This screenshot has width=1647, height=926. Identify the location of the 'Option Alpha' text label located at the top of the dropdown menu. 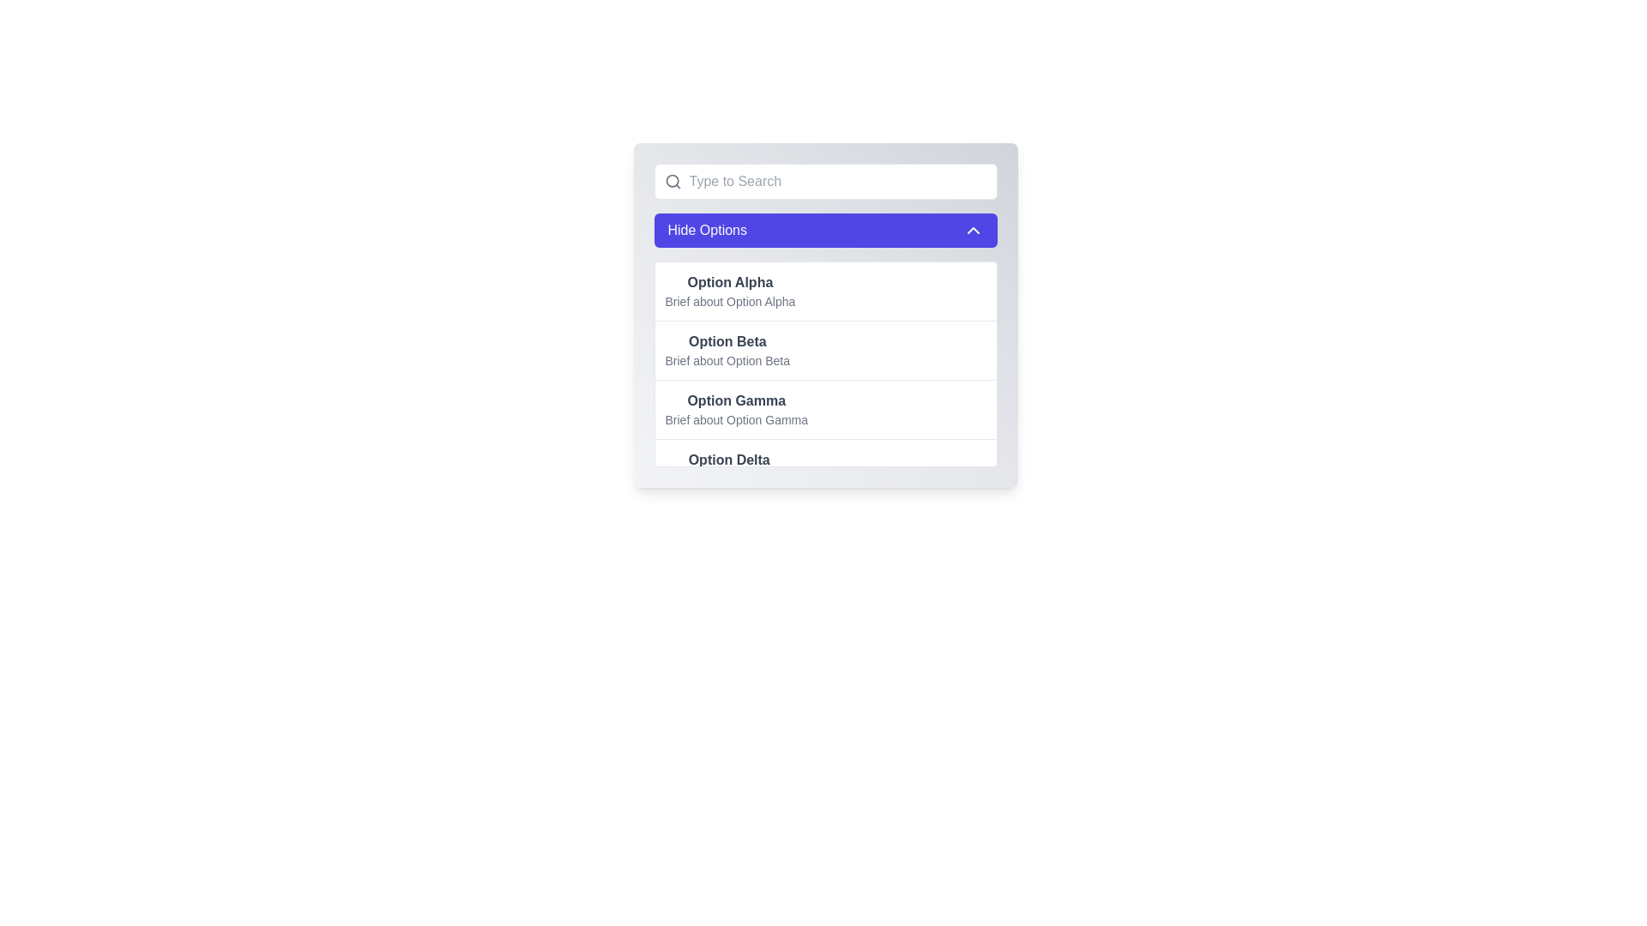
(730, 282).